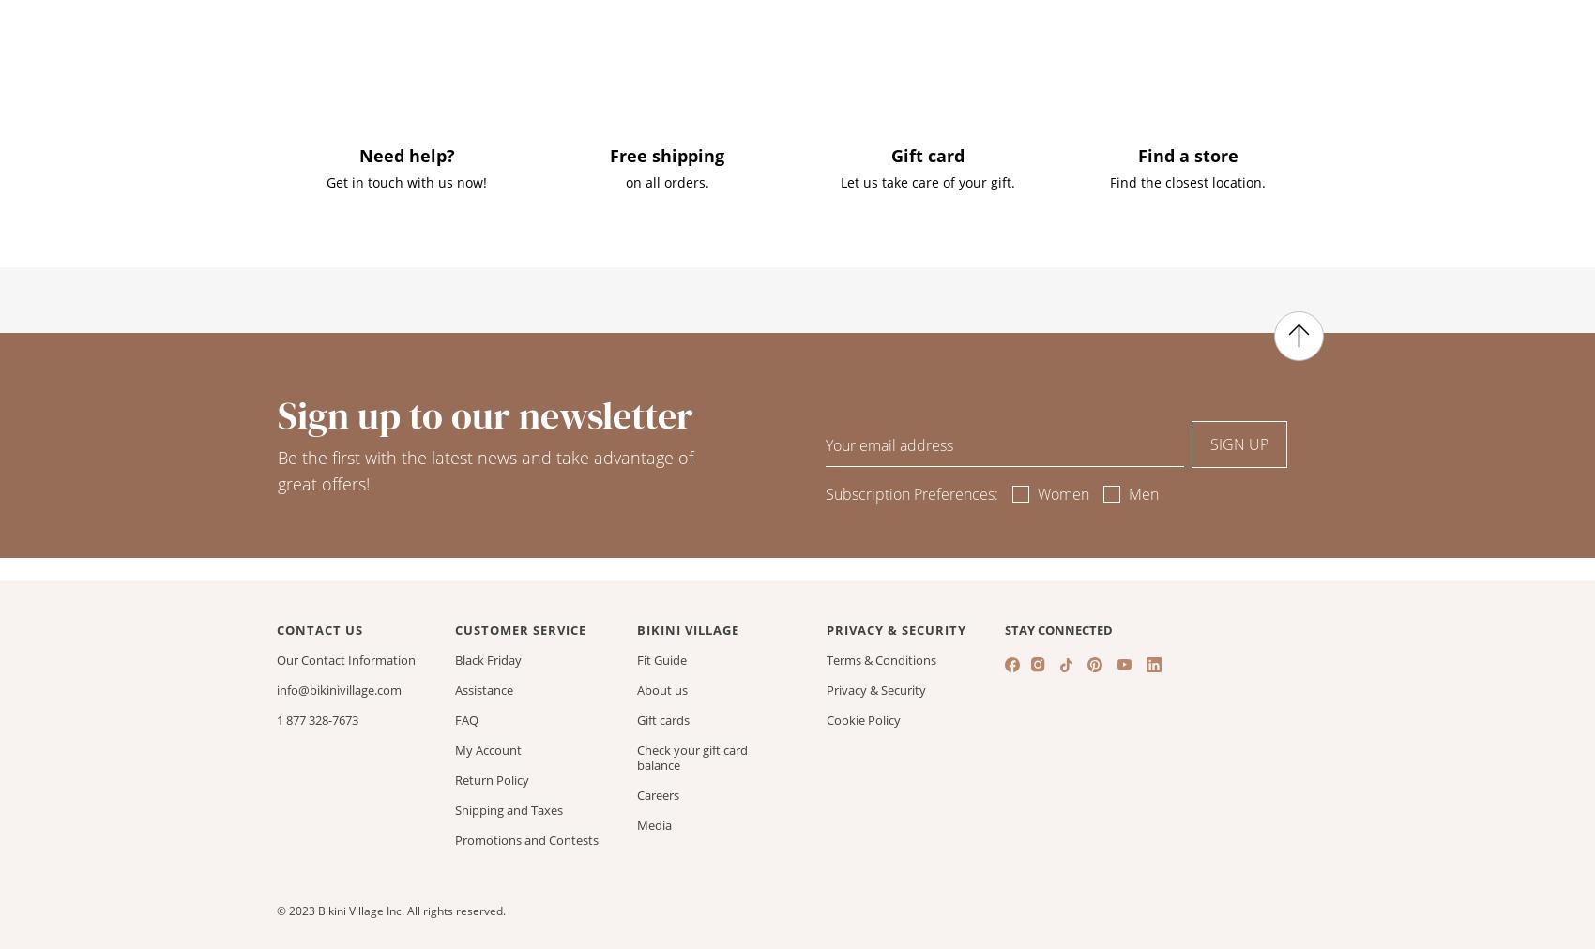 The height and width of the screenshot is (949, 1595). What do you see at coordinates (316, 717) in the screenshot?
I see `'1 877 328-7673'` at bounding box center [316, 717].